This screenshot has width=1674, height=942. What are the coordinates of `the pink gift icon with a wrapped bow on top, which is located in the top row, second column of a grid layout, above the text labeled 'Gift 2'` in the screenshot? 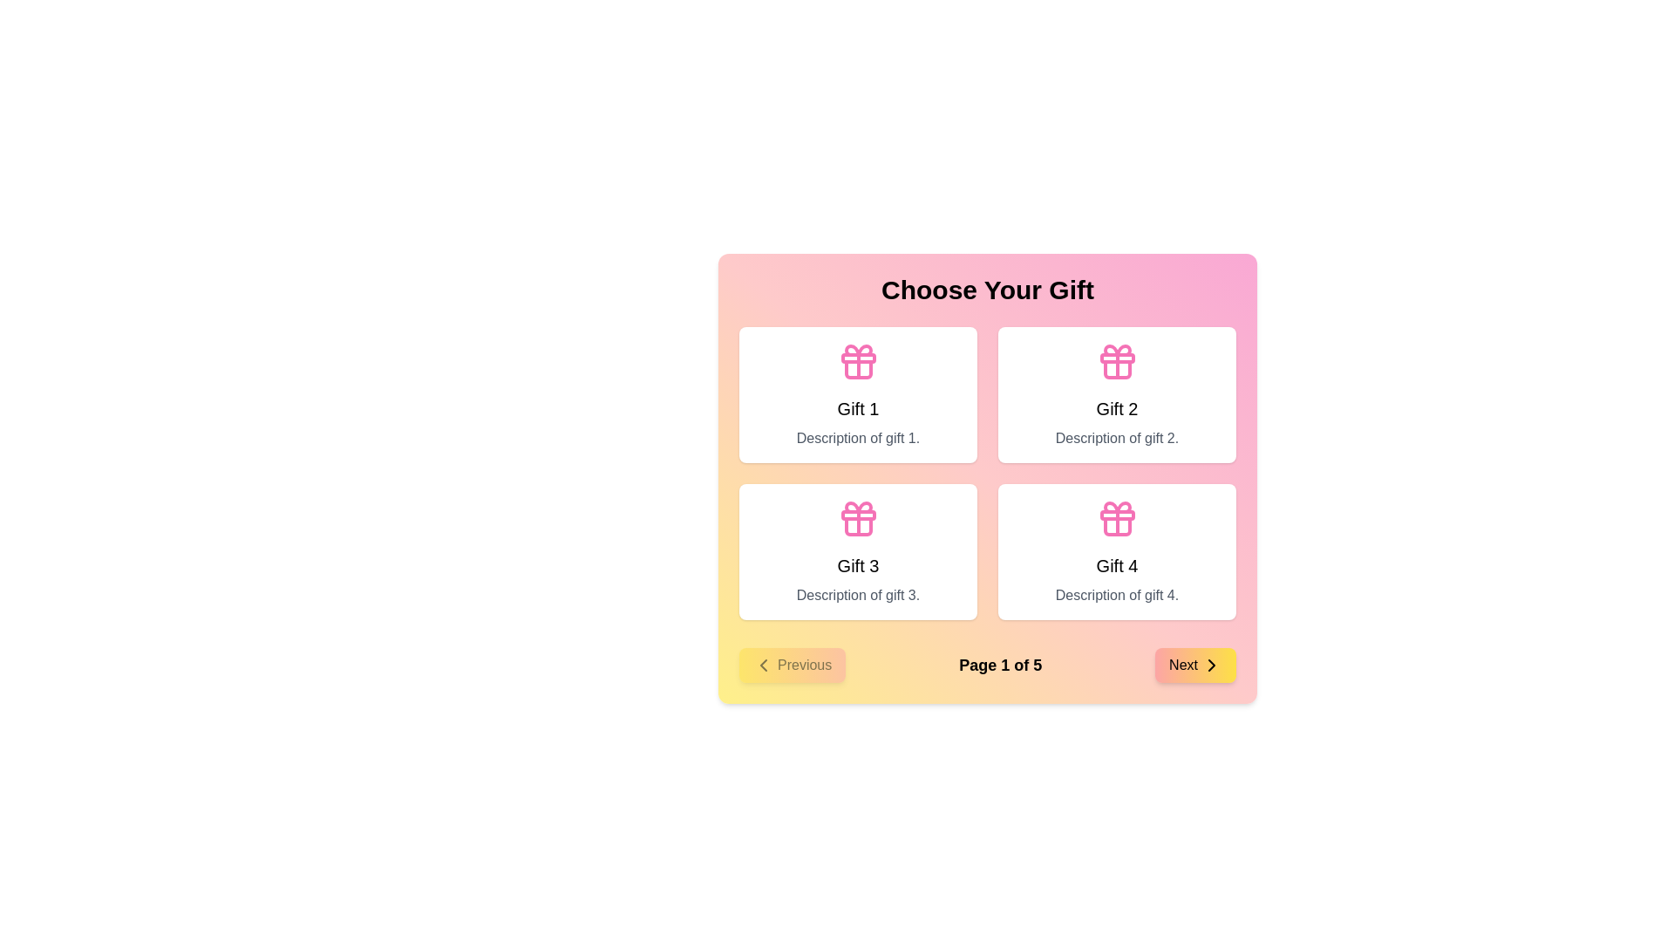 It's located at (1117, 361).